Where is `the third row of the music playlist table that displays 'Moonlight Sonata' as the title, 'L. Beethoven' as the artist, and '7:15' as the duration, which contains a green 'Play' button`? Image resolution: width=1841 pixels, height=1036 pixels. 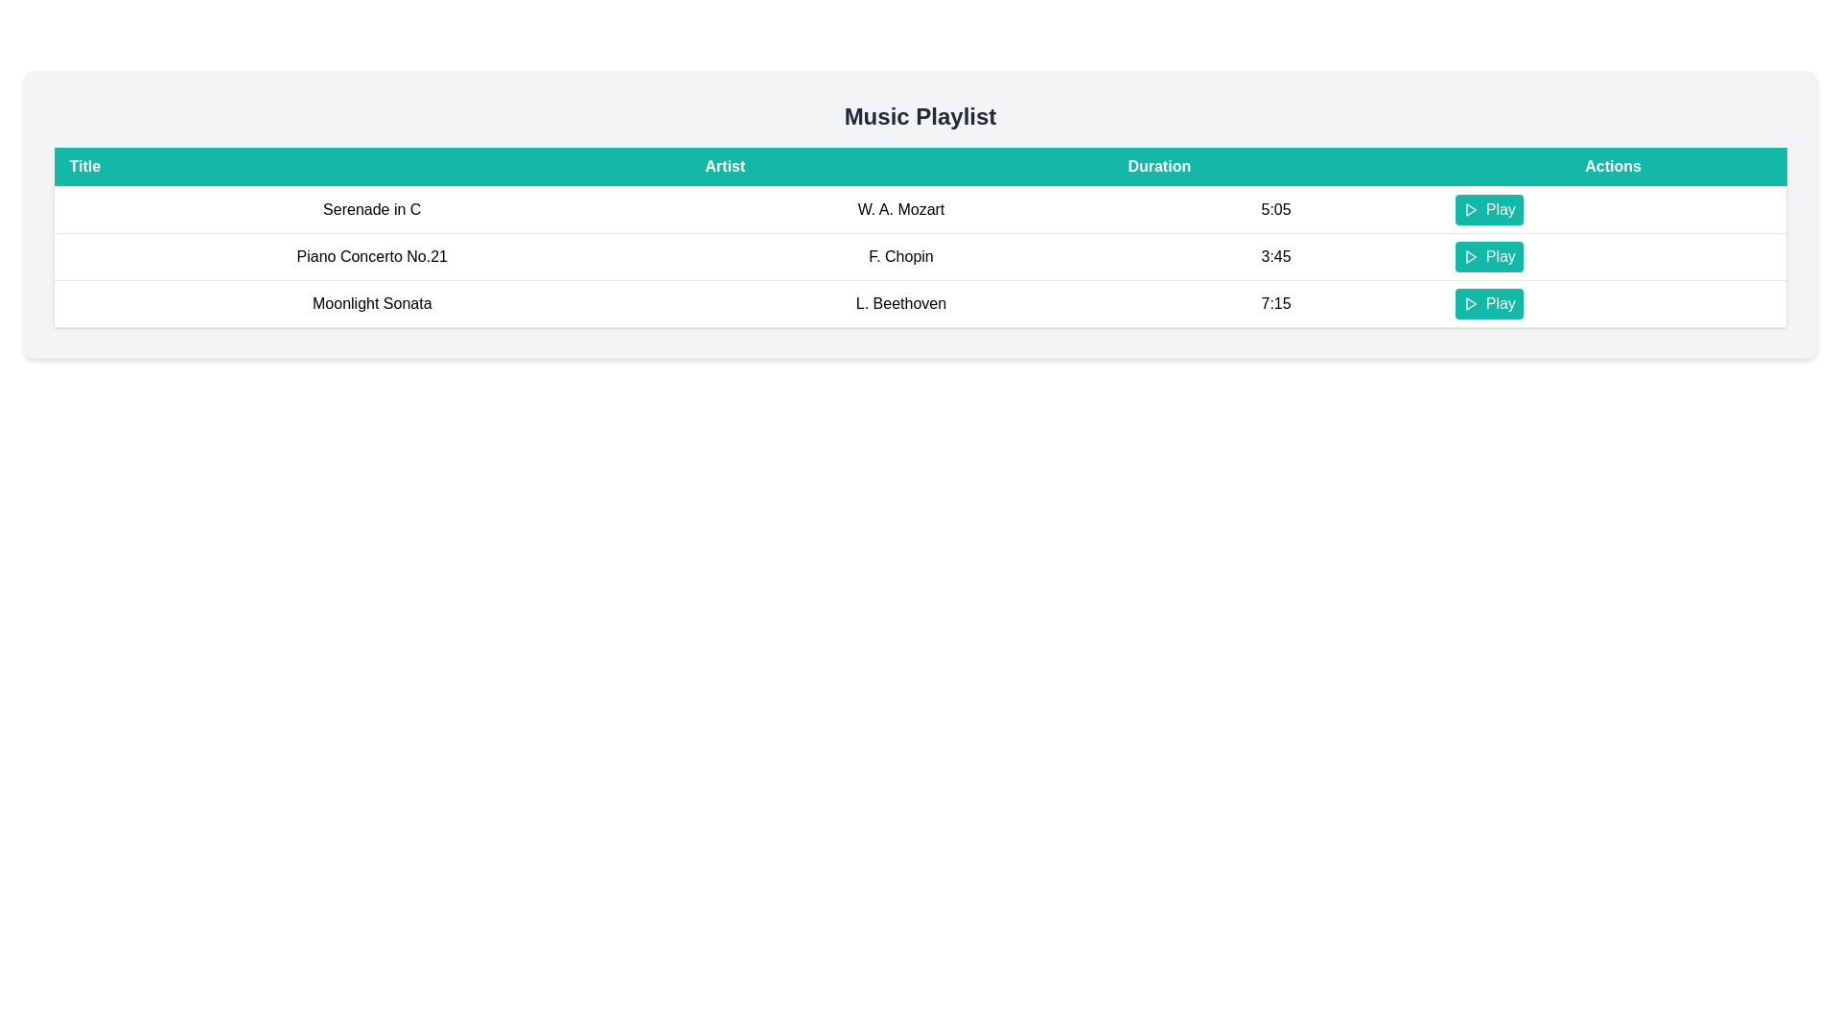
the third row of the music playlist table that displays 'Moonlight Sonata' as the title, 'L. Beethoven' as the artist, and '7:15' as the duration, which contains a green 'Play' button is located at coordinates (920, 302).